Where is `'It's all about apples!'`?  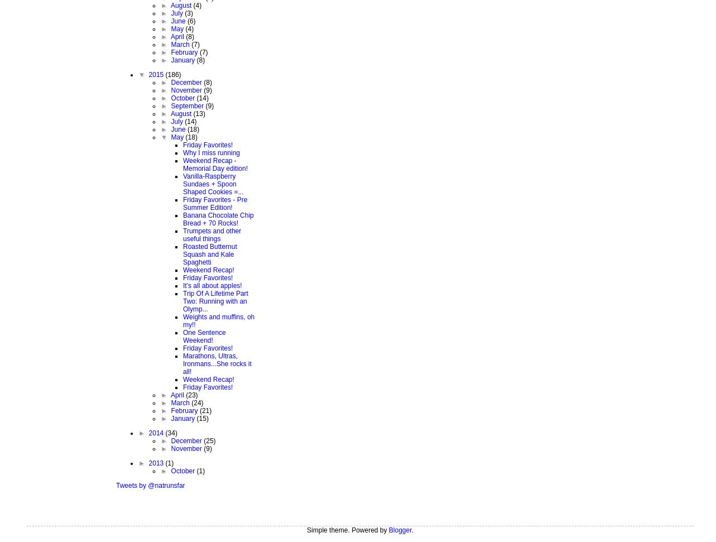 'It's all about apples!' is located at coordinates (212, 285).